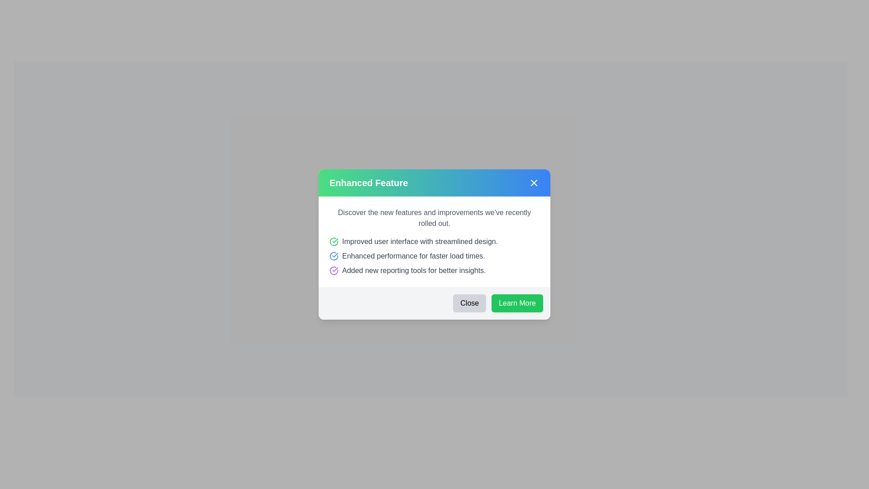  Describe the element at coordinates (368, 183) in the screenshot. I see `the text label displaying 'Enhanced Feature' in bold font on a gradient background within the header bar of the modal dialog box` at that location.